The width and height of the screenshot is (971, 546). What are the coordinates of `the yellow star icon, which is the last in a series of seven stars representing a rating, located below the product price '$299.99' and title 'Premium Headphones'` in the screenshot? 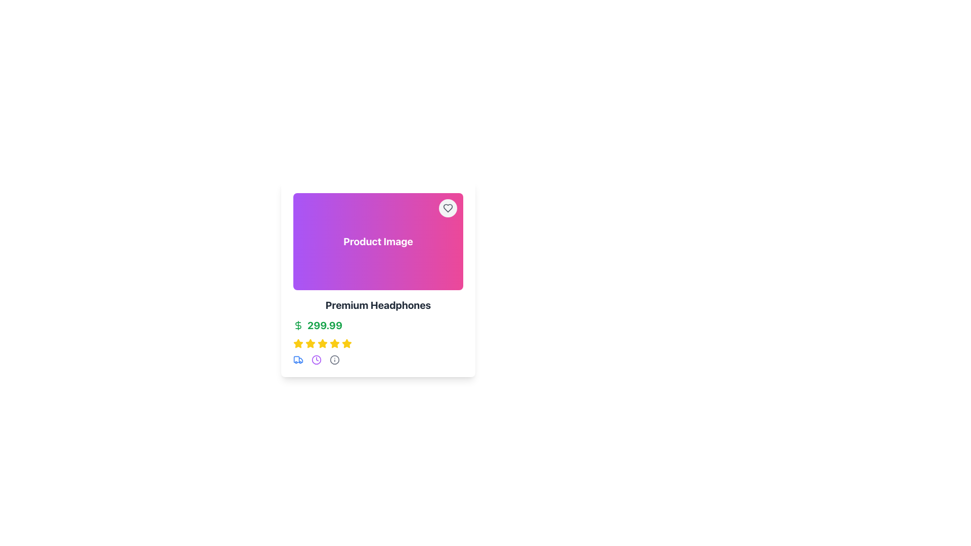 It's located at (347, 343).